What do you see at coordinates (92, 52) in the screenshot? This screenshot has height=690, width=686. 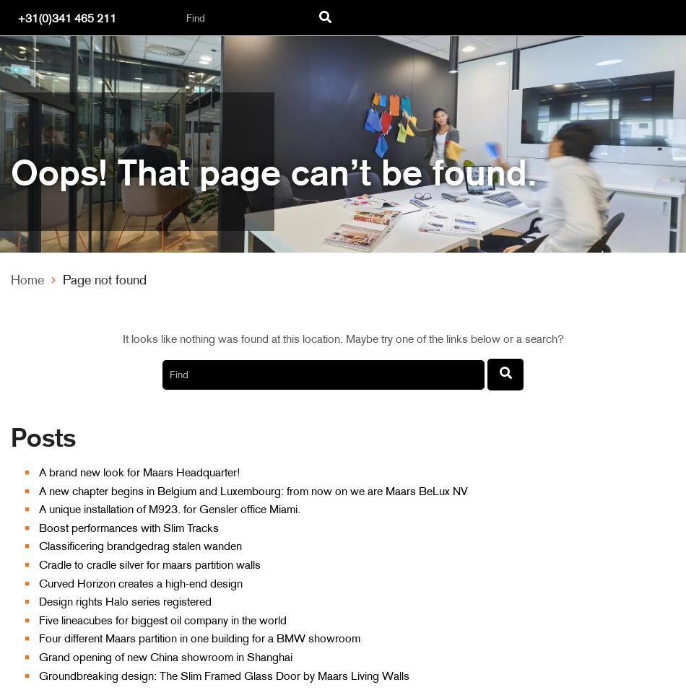 I see `'Information Panorama'` at bounding box center [92, 52].